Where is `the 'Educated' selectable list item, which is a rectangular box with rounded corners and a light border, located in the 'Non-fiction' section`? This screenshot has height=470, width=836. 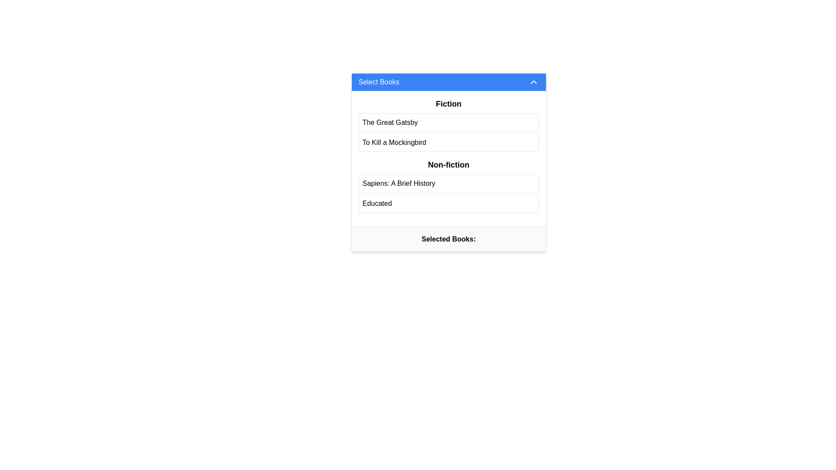
the 'Educated' selectable list item, which is a rectangular box with rounded corners and a light border, located in the 'Non-fiction' section is located at coordinates (448, 203).